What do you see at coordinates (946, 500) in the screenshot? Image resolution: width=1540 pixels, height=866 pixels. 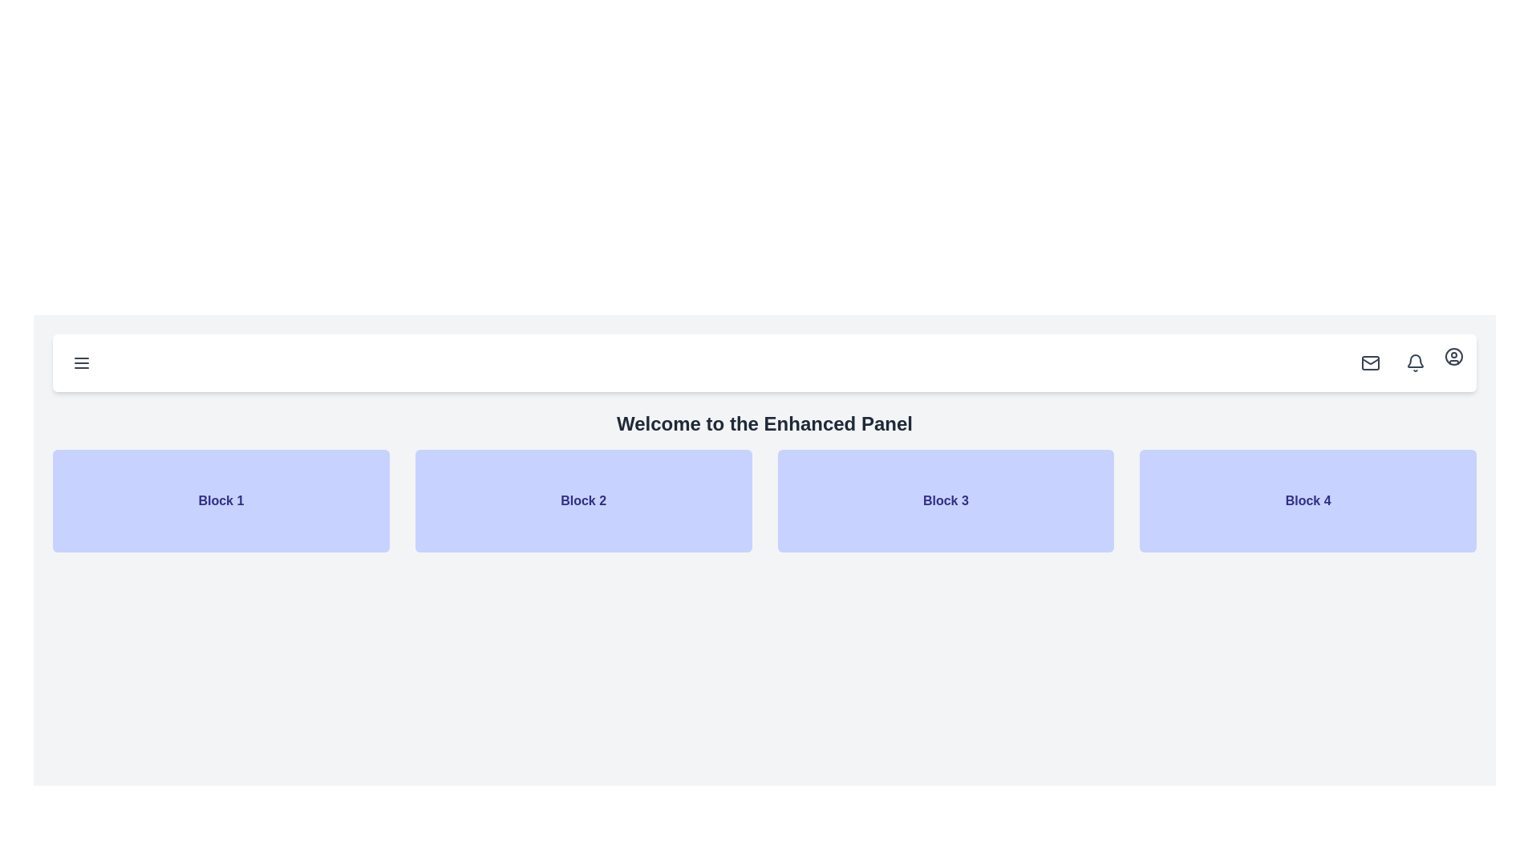 I see `the labeled block with the label 'Block 3'` at bounding box center [946, 500].